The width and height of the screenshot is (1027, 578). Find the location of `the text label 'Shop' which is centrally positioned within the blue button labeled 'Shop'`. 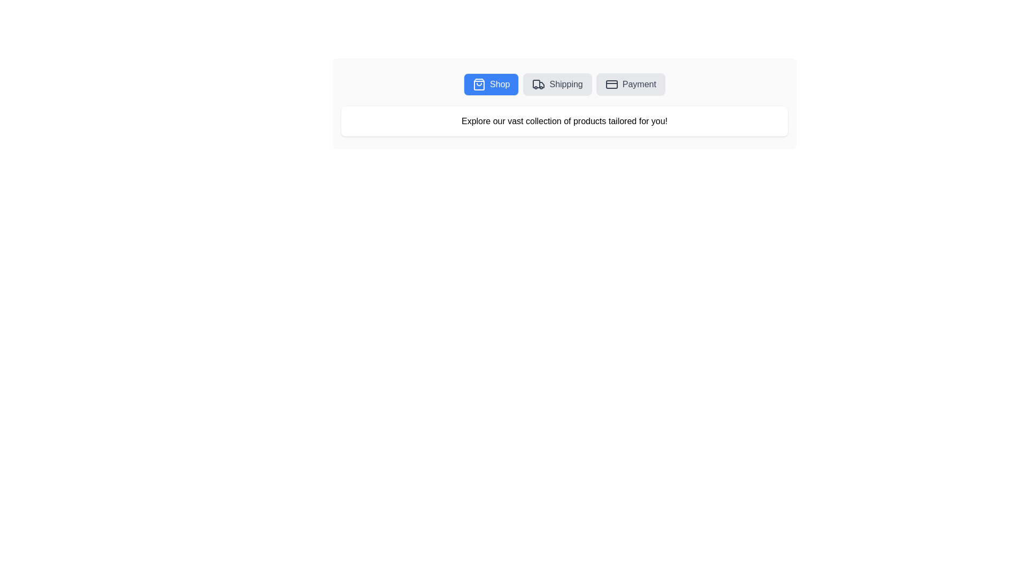

the text label 'Shop' which is centrally positioned within the blue button labeled 'Shop' is located at coordinates (499, 84).